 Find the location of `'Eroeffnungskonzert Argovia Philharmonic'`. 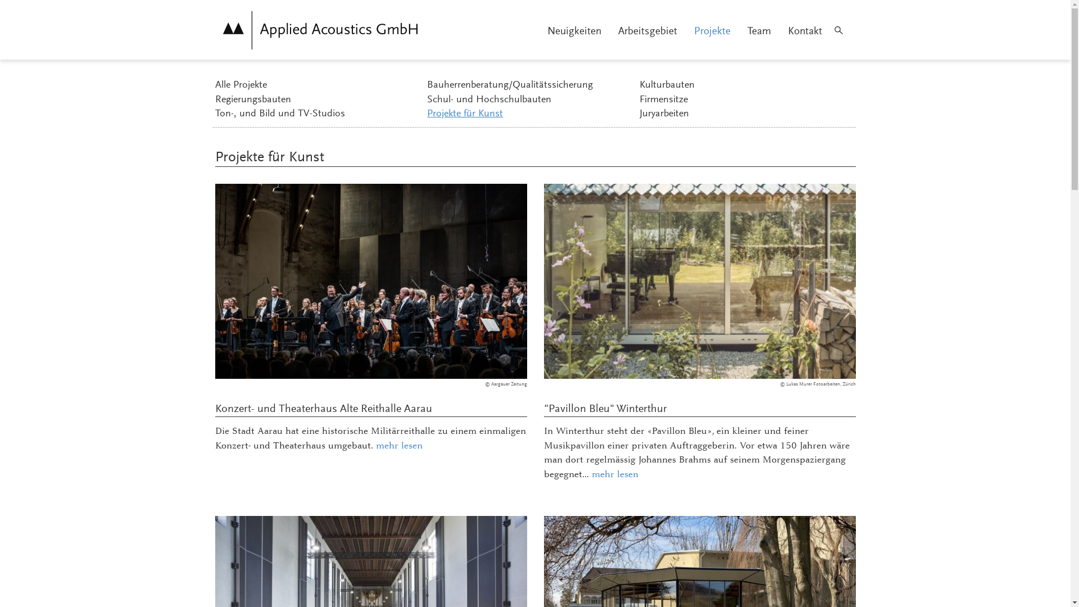

'Eroeffnungskonzert Argovia Philharmonic' is located at coordinates (370, 280).